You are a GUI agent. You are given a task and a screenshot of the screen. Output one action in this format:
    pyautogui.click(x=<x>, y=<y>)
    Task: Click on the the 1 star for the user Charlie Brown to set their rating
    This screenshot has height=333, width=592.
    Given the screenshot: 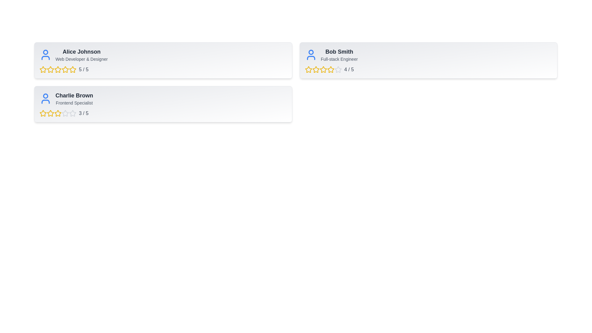 What is the action you would take?
    pyautogui.click(x=43, y=113)
    